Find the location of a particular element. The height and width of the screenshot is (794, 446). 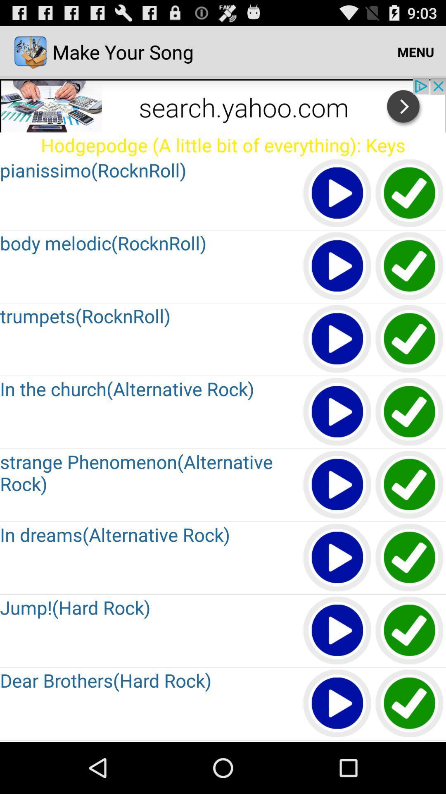

button is located at coordinates (337, 339).